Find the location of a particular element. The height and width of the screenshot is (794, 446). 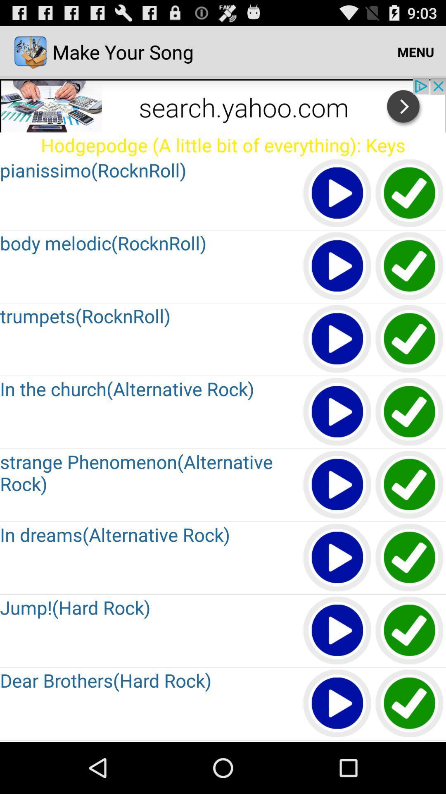

button is located at coordinates (337, 339).